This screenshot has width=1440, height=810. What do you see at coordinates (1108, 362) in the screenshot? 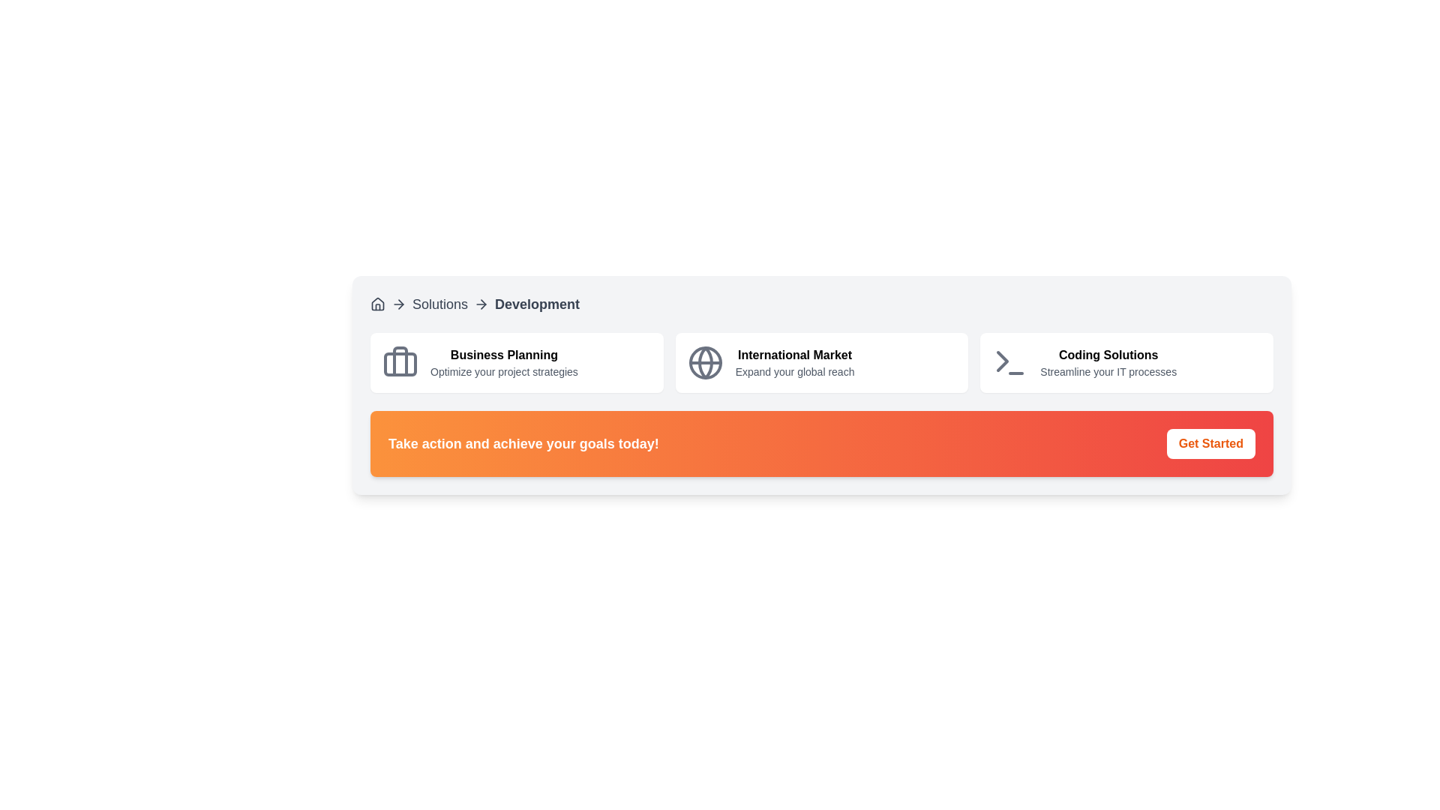
I see `TAB navigation` at bounding box center [1108, 362].